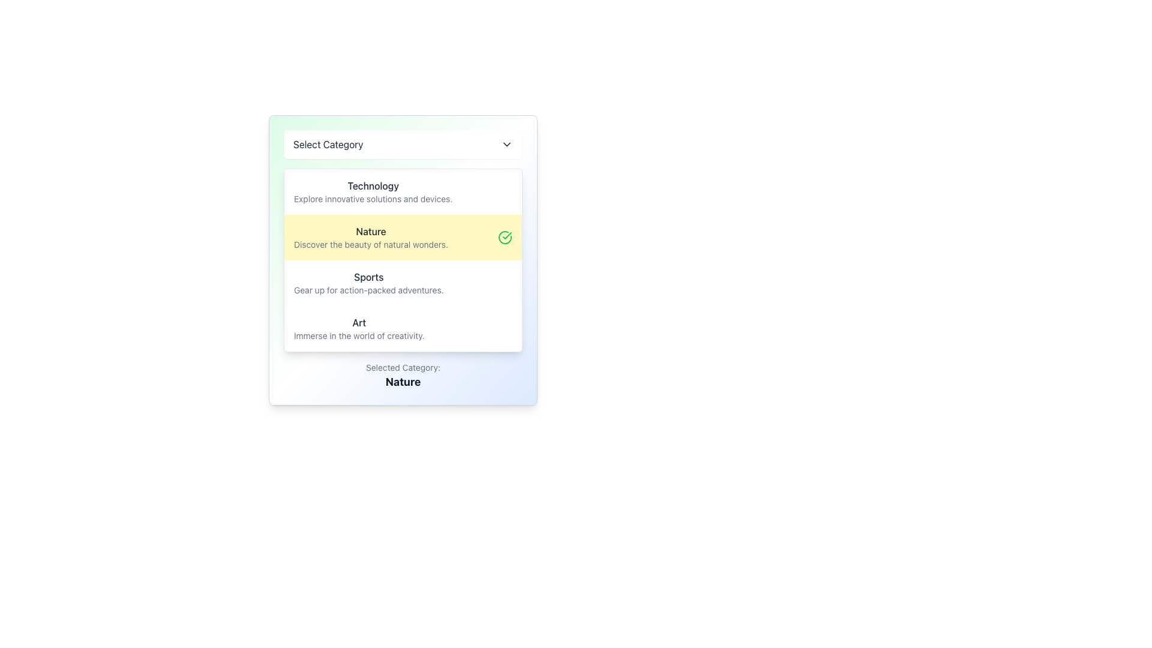 The width and height of the screenshot is (1152, 648). Describe the element at coordinates (373, 198) in the screenshot. I see `the text label displaying 'Explore innovative solutions and devices.' which is positioned directly below the heading 'Technology' within the Technology category section` at that location.